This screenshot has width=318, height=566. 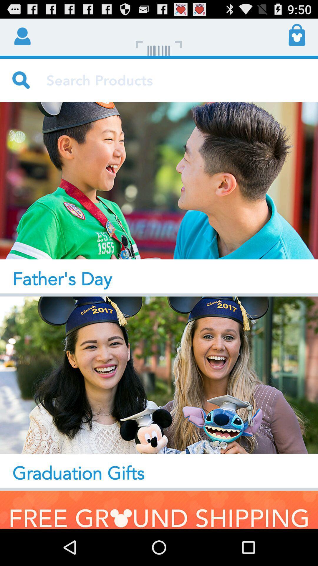 What do you see at coordinates (21, 35) in the screenshot?
I see `icon at the top left corner` at bounding box center [21, 35].